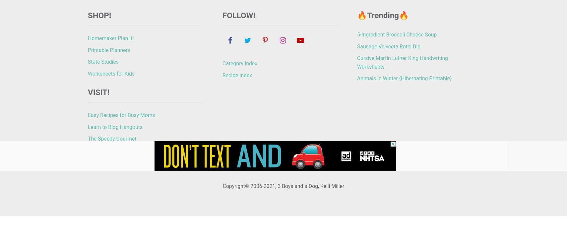 Image resolution: width=567 pixels, height=246 pixels. Describe the element at coordinates (88, 62) in the screenshot. I see `'State Studies'` at that location.